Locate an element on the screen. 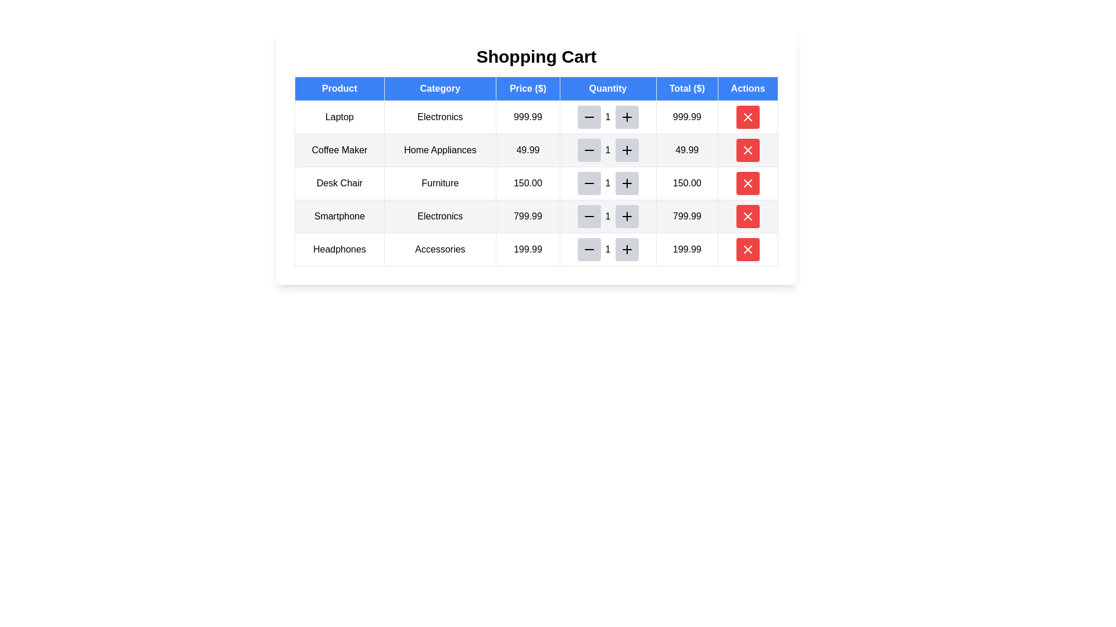  the static text display showing the price total for 'Coffee Maker' which is located in the 'Total ($)' column of the second row in the table is located at coordinates (687, 149).